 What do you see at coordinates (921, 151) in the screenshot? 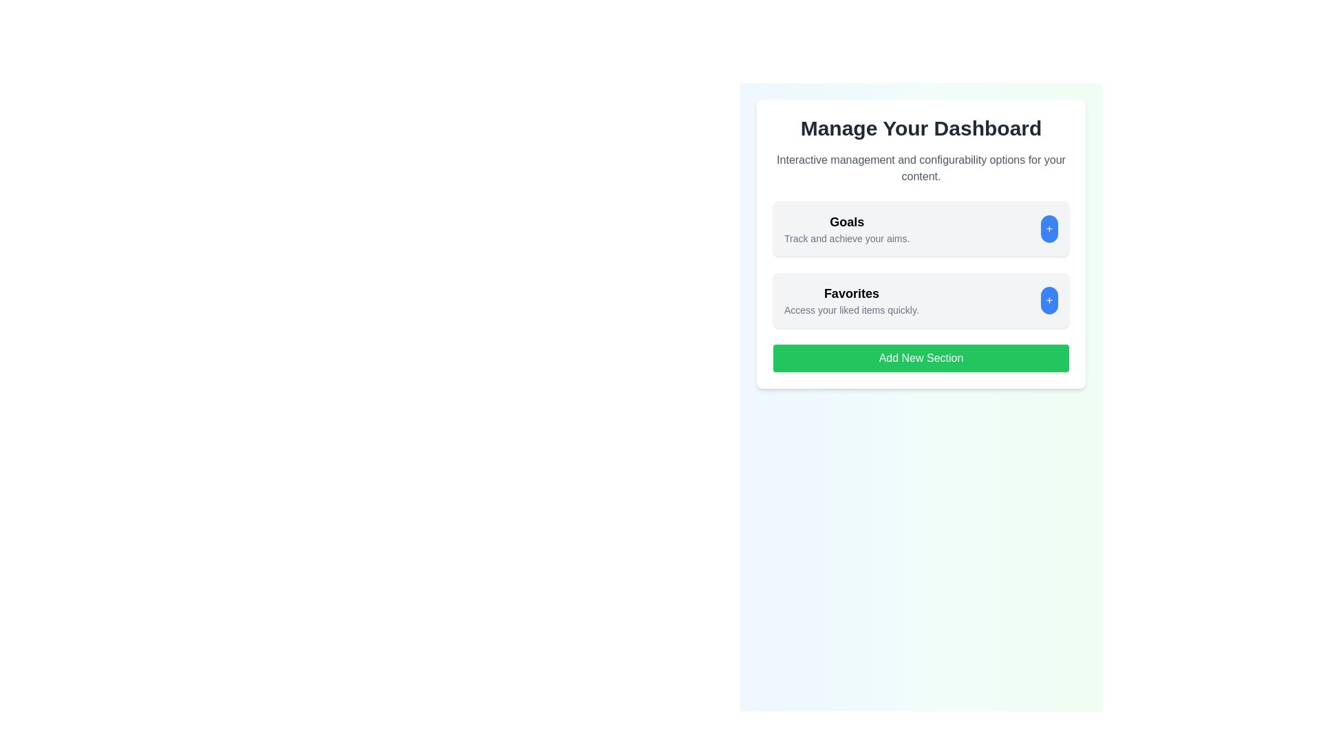
I see `text block titled 'Manage Your Dashboard' with subtext 'Interactive management and configurability options for your content.'` at bounding box center [921, 151].